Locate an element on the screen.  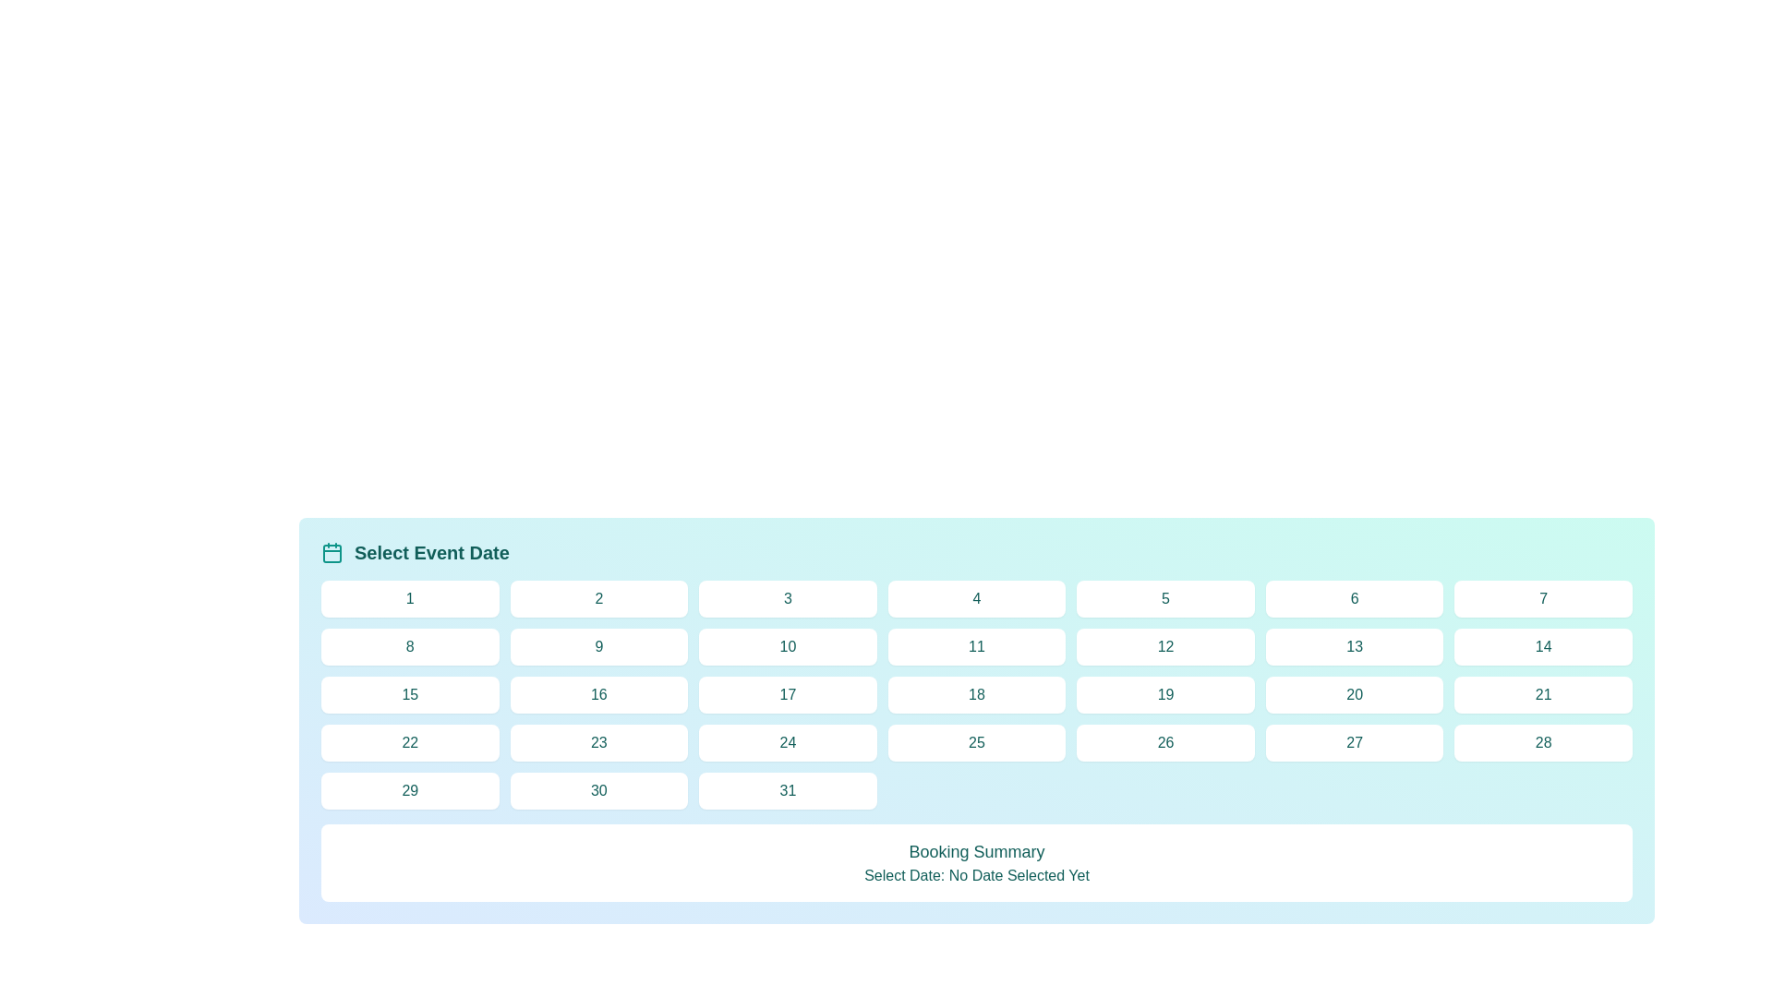
the date selection button located in the first row, sixth column of a 7-column grid is located at coordinates (1355, 598).